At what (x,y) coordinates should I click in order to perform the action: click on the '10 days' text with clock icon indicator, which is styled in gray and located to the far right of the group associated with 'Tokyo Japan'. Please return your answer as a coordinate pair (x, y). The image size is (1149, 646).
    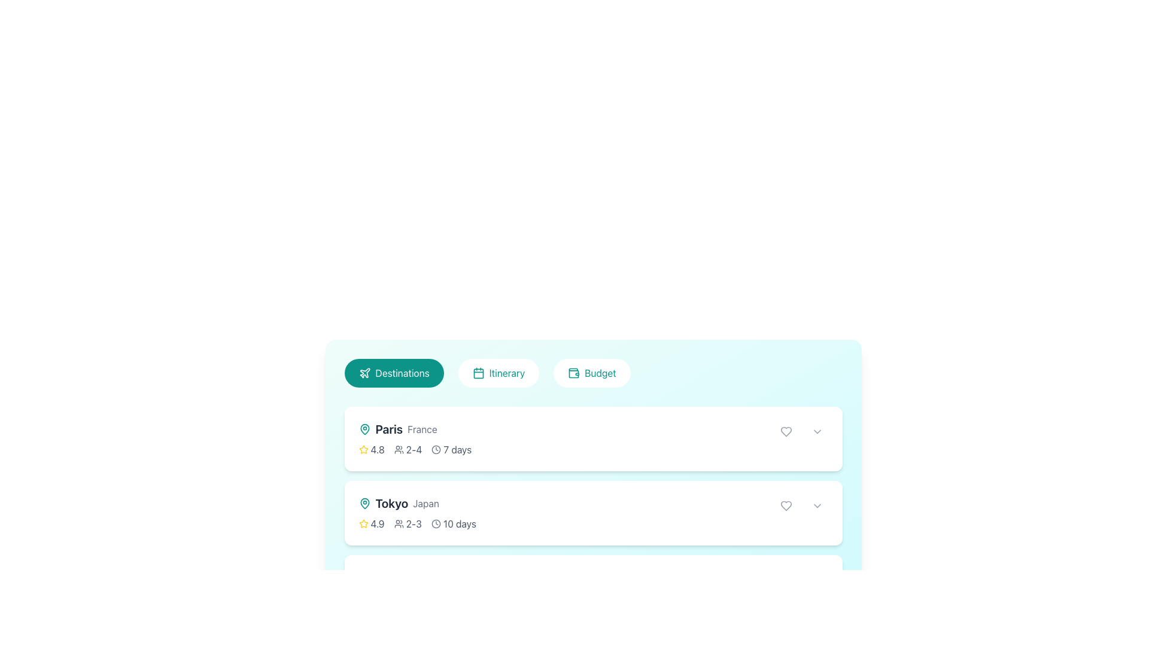
    Looking at the image, I should click on (453, 523).